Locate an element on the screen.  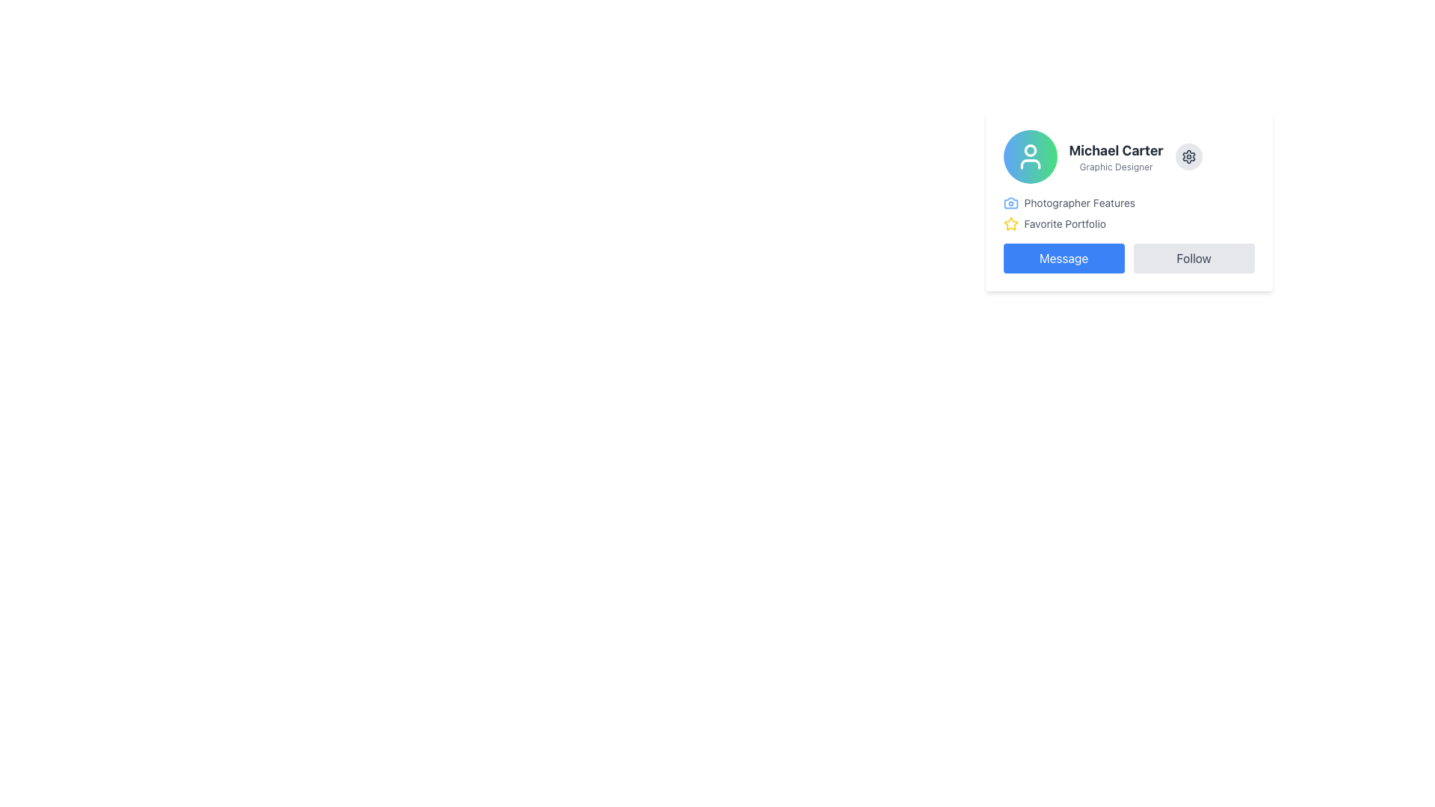
the gear-like settings icon located at the top-right corner of the profile card, adjacent to the user's name and title is located at coordinates (1188, 156).